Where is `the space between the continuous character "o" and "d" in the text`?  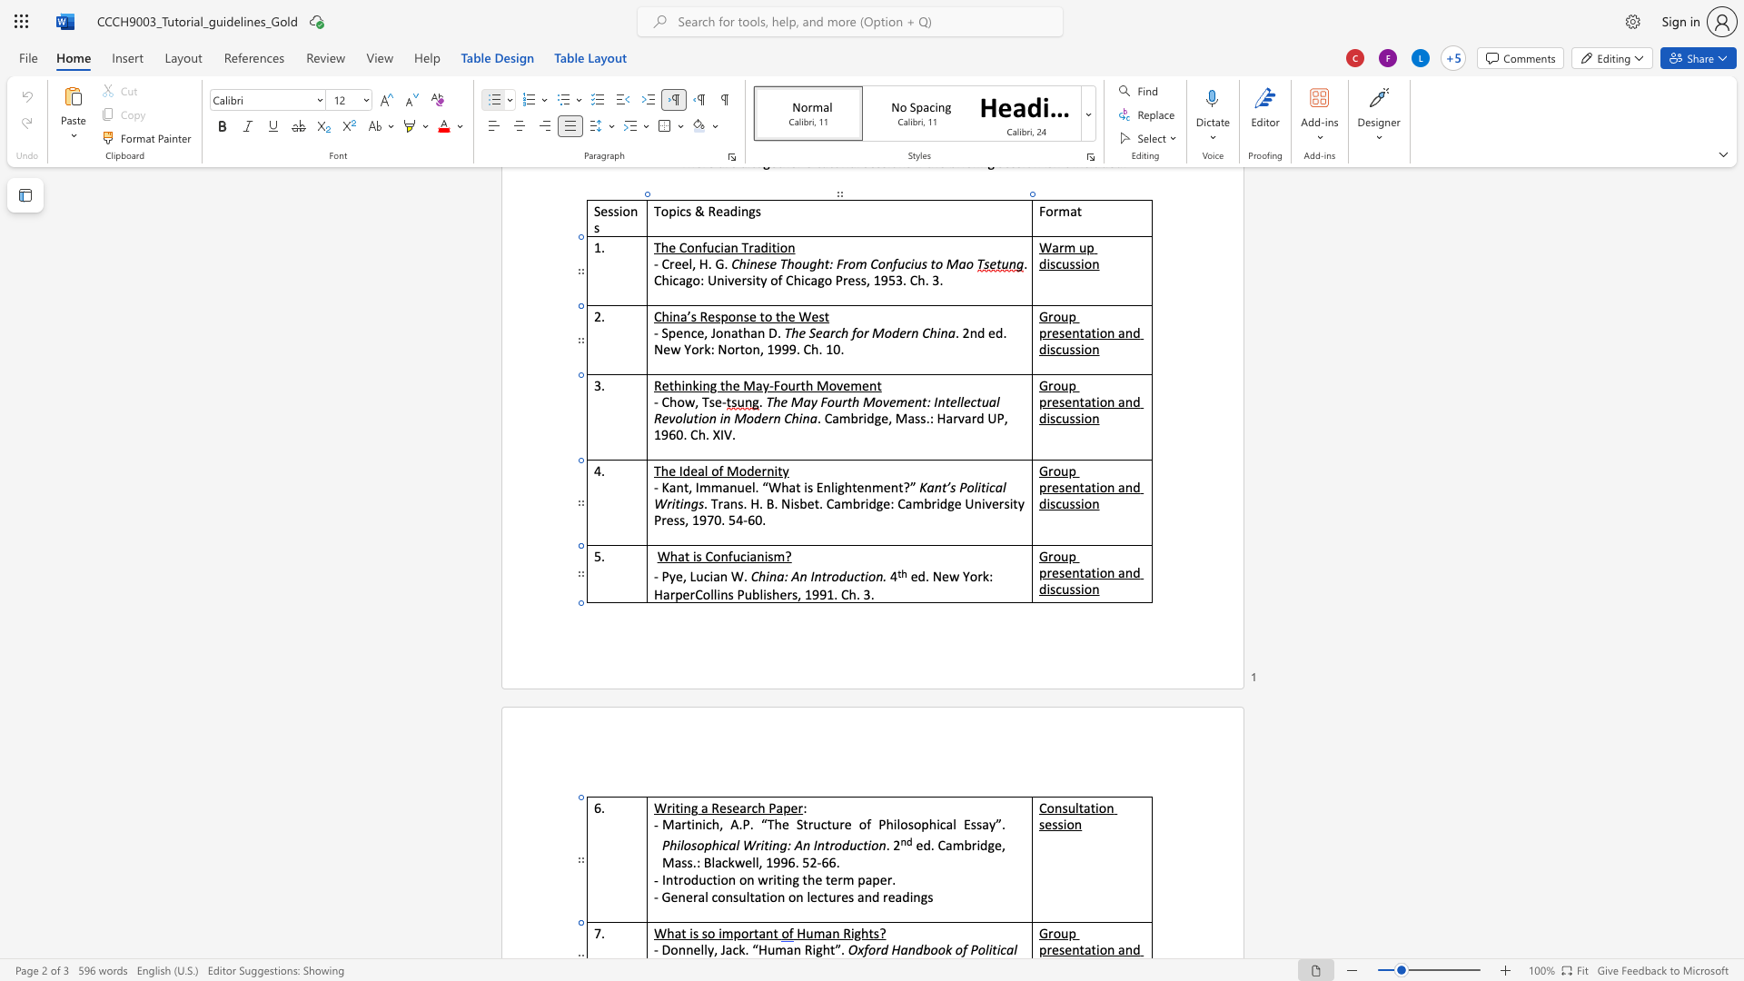
the space between the continuous character "o" and "d" in the text is located at coordinates (689, 878).